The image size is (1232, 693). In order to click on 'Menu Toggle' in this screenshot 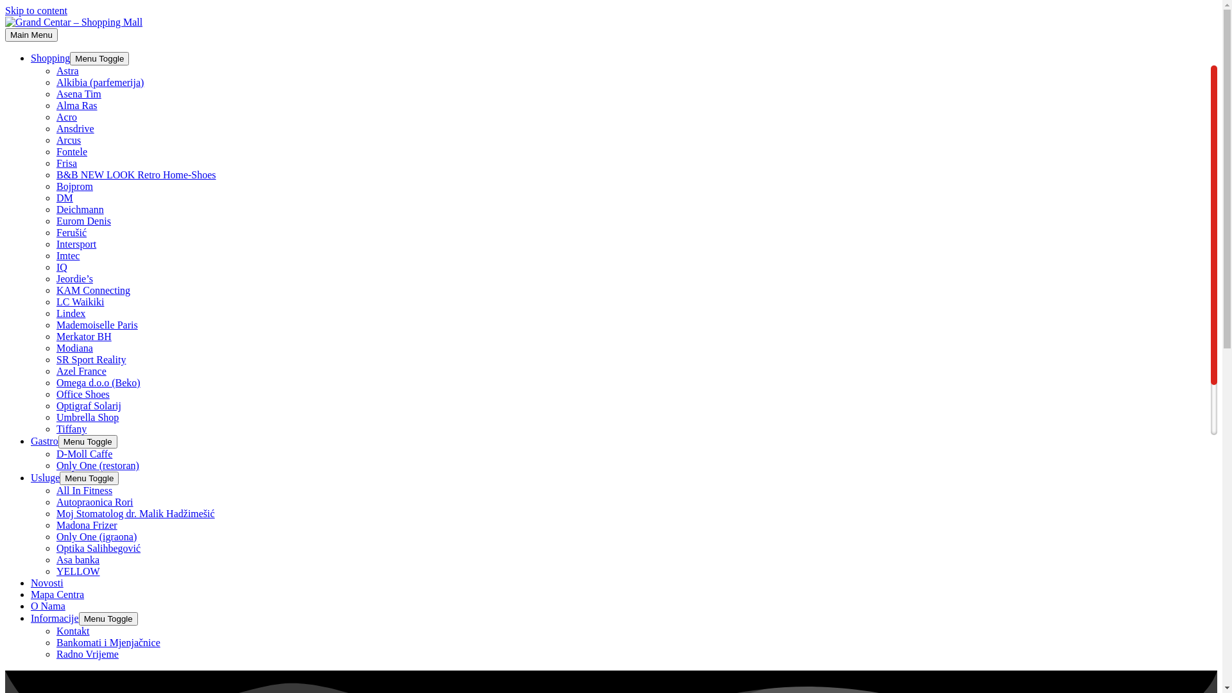, I will do `click(98, 58)`.